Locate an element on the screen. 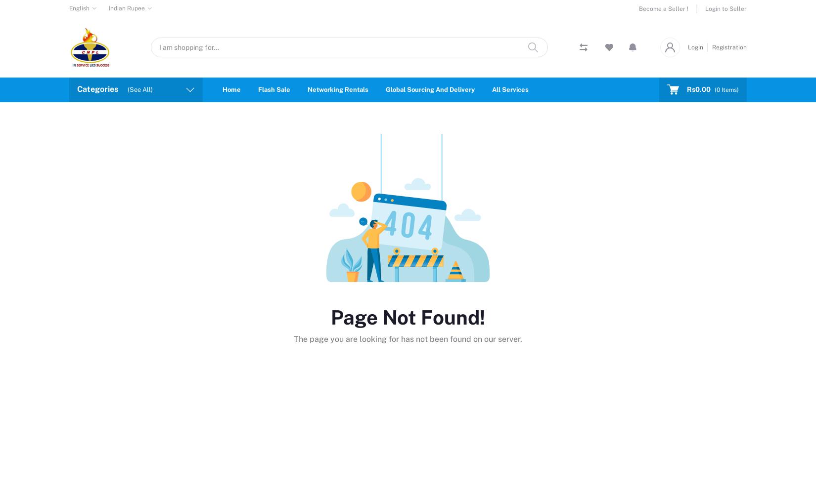  '(' is located at coordinates (715, 89).